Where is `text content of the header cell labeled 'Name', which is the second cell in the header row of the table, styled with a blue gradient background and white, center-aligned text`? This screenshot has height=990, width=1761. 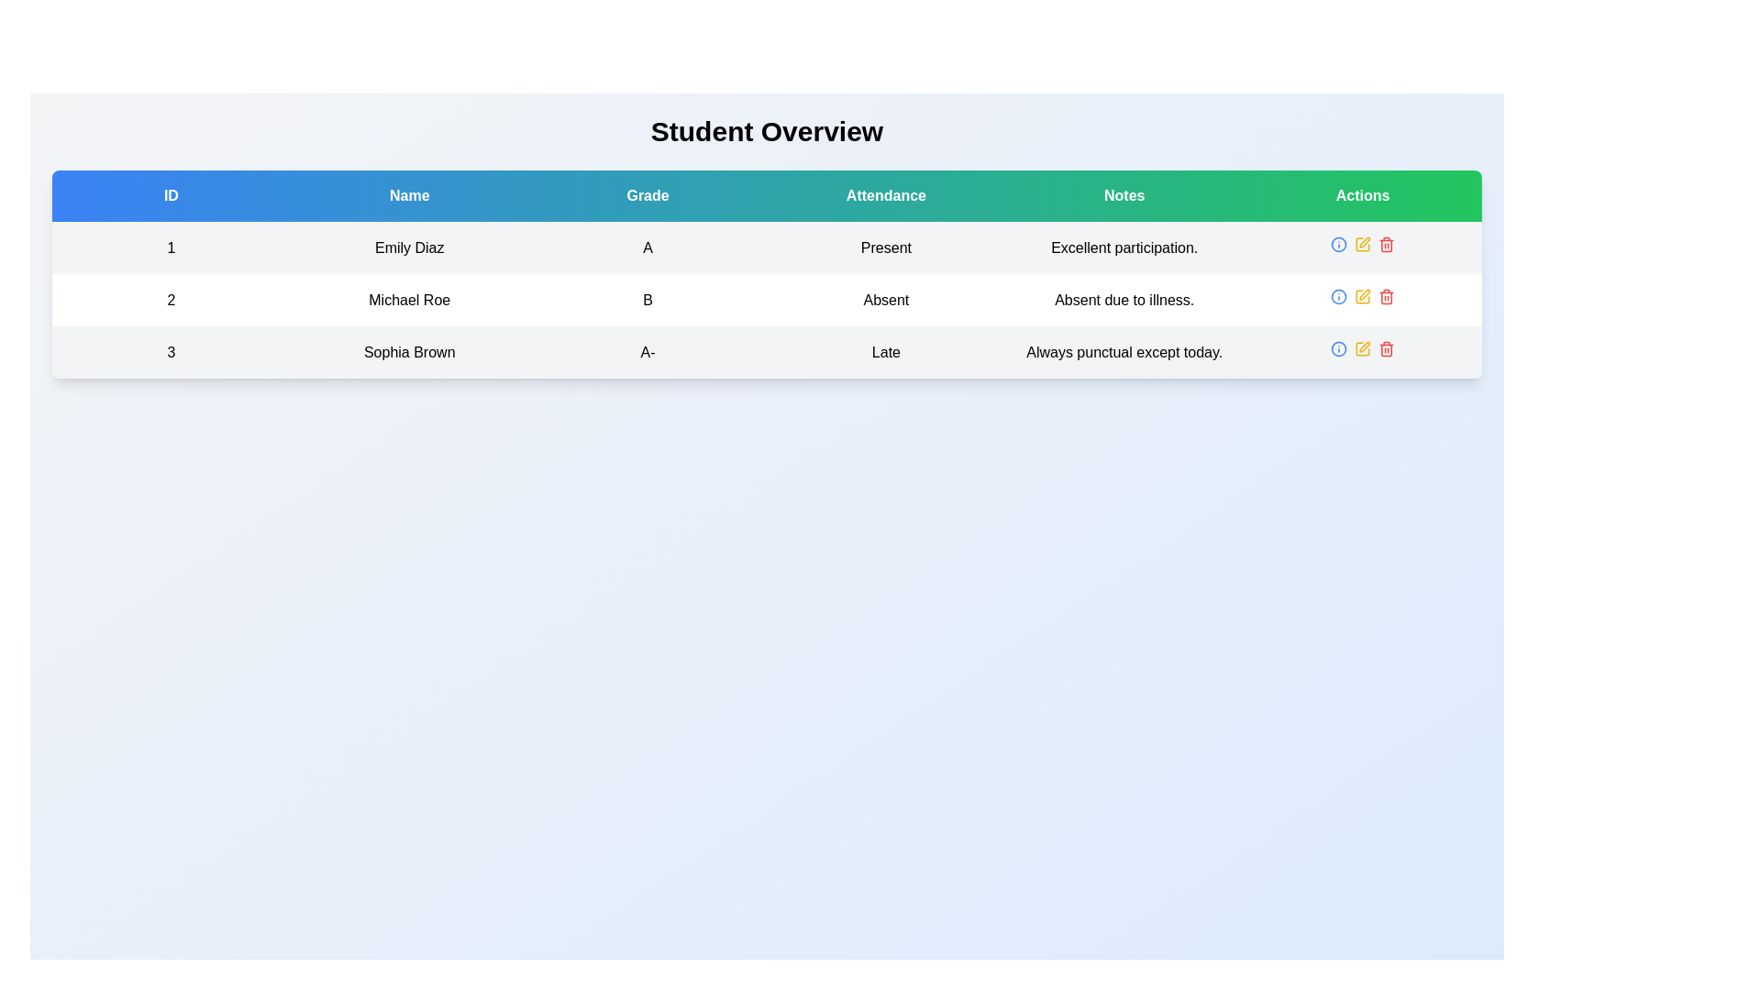
text content of the header cell labeled 'Name', which is the second cell in the header row of the table, styled with a blue gradient background and white, center-aligned text is located at coordinates (408, 195).